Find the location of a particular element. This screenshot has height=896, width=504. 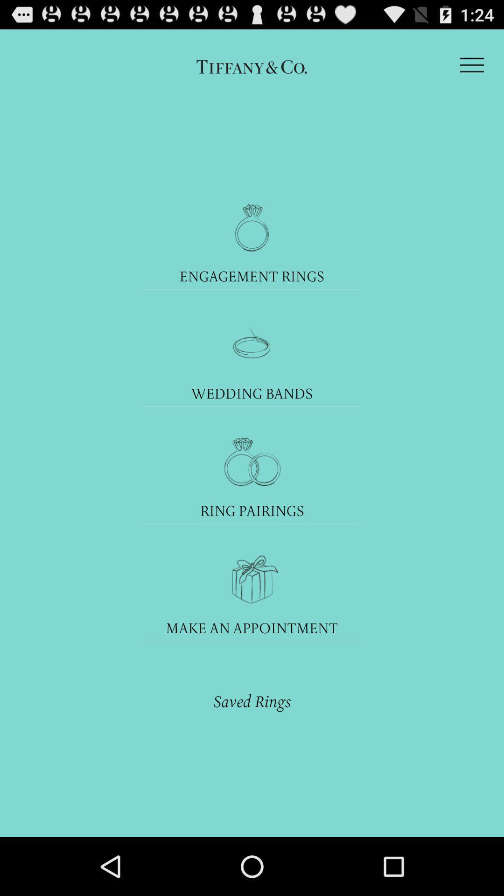

engagement rings icon is located at coordinates (252, 275).